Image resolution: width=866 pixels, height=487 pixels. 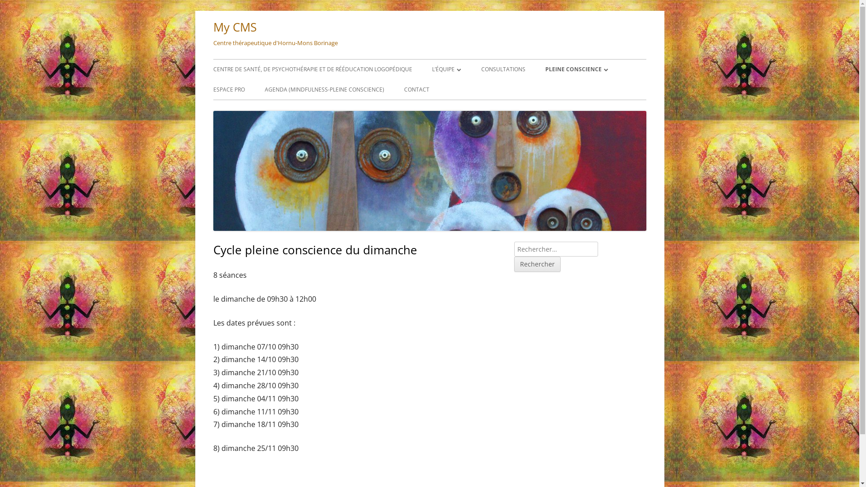 I want to click on 'PLEINE CONSCIENCE', so click(x=576, y=69).